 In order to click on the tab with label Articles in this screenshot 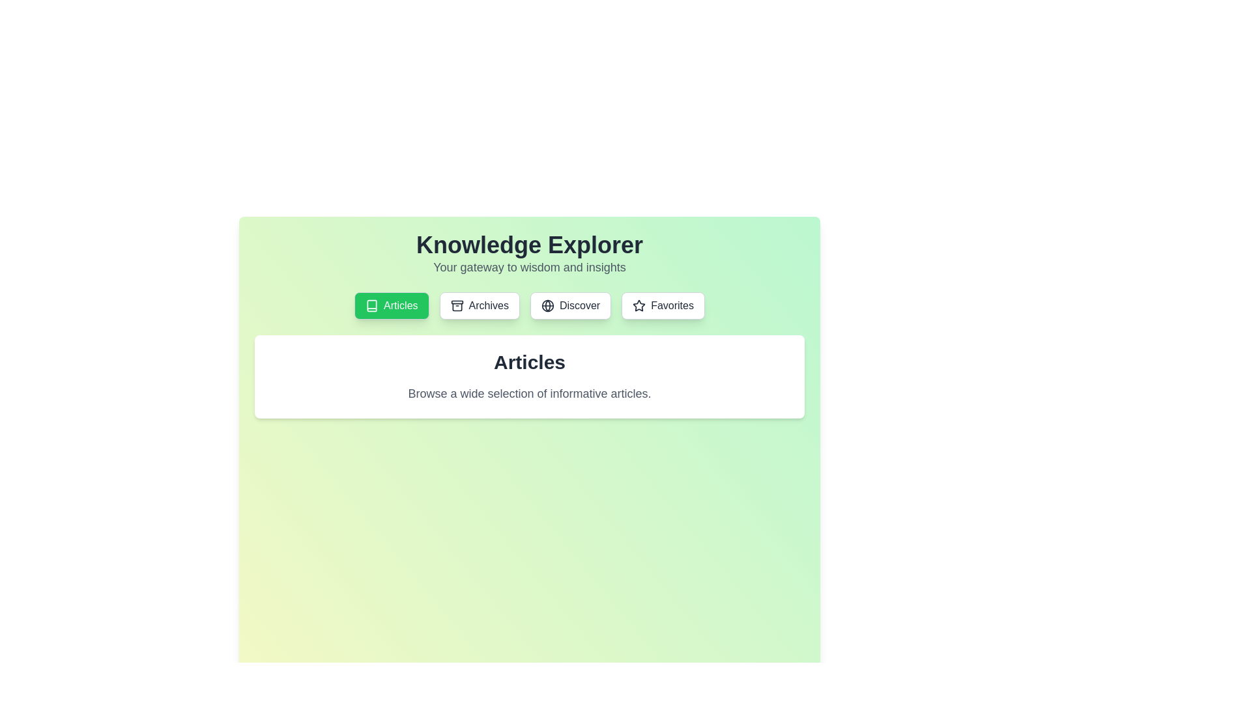, I will do `click(391, 306)`.